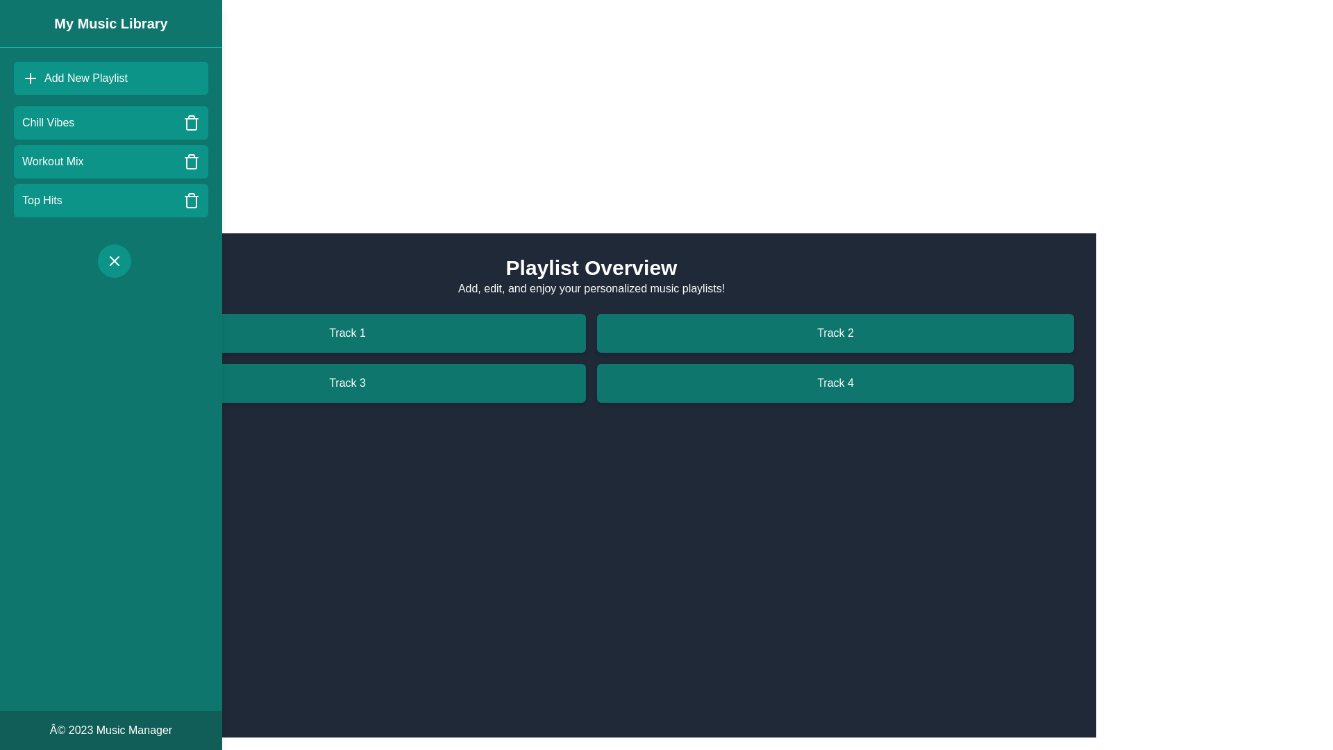  Describe the element at coordinates (30, 78) in the screenshot. I see `the plus icon located to the left of the 'Add New Playlist' text in the sidebar` at that location.